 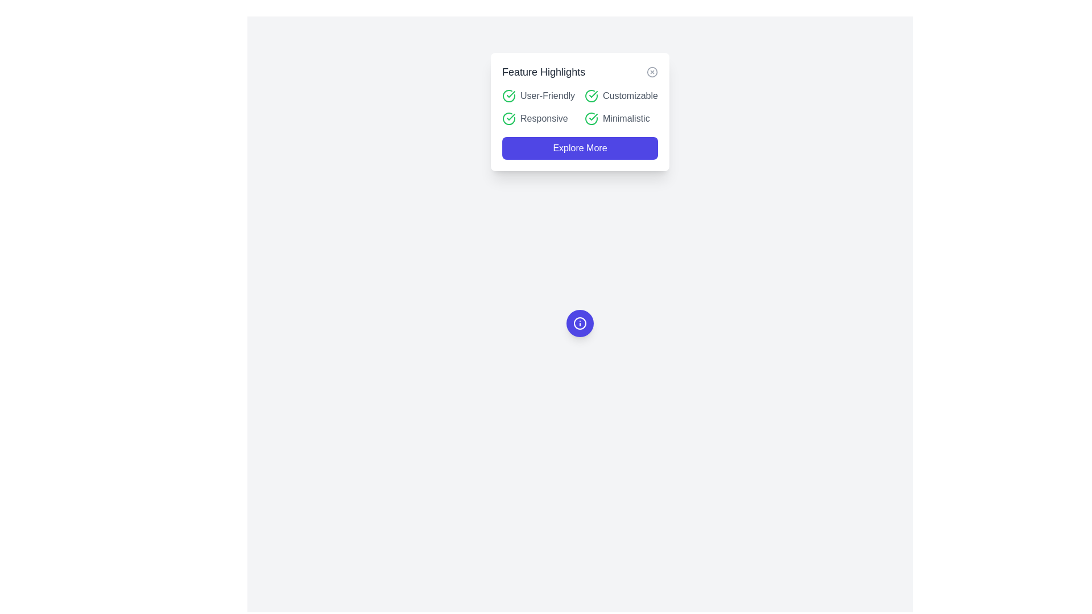 What do you see at coordinates (538, 118) in the screenshot?
I see `the 'Responsive' feature descriptor text element with its associated icon, located in the second row, first column of the grid layout` at bounding box center [538, 118].